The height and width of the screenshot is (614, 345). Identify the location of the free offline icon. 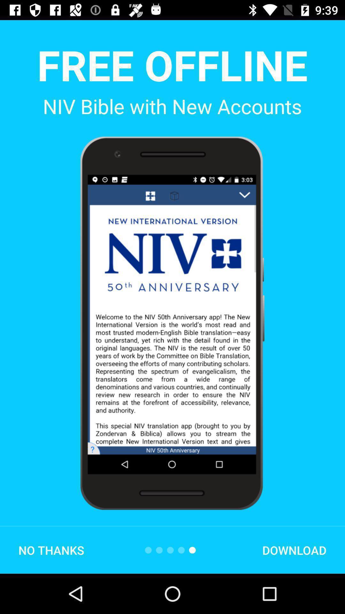
(172, 65).